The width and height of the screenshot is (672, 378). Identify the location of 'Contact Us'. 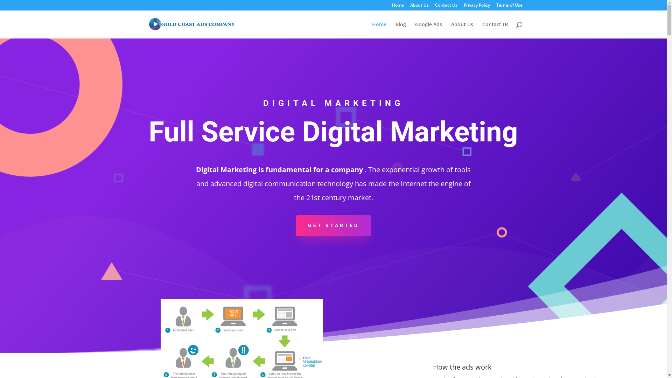
(482, 30).